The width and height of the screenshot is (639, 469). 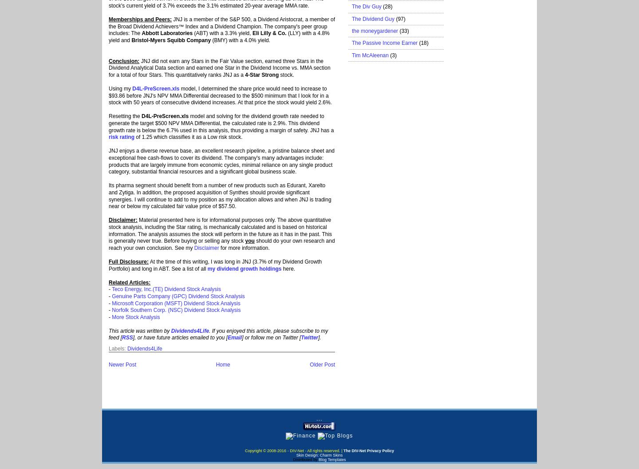 What do you see at coordinates (221, 122) in the screenshot?
I see `'model and solving for the dividend growth rate needed to generate the target $500 NPV MMA Differential, the calculated rate is 2.9%. This dividend growth rate is below the 6.7% used in this analysis, thus providing a margin of safety. JNJ has a'` at bounding box center [221, 122].